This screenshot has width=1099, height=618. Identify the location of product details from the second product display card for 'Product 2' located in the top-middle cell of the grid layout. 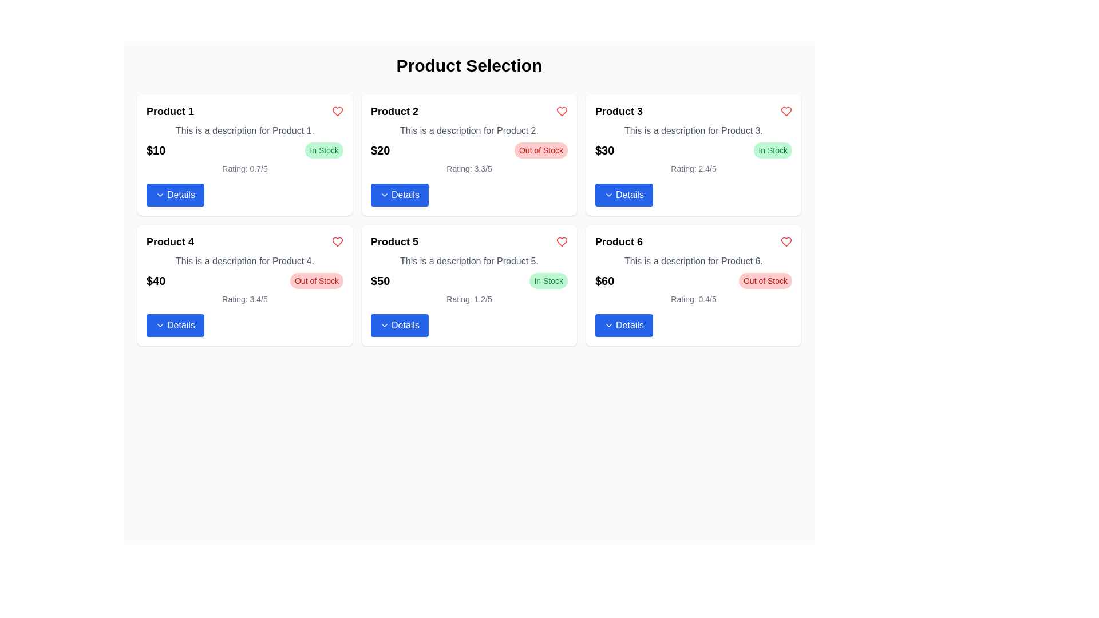
(469, 154).